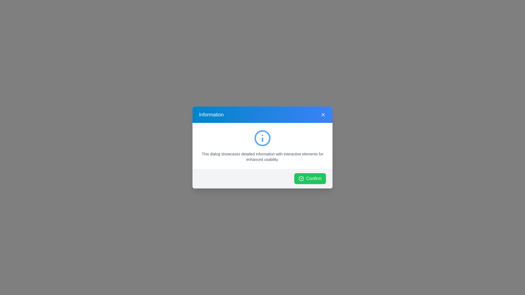 The width and height of the screenshot is (525, 295). Describe the element at coordinates (262, 145) in the screenshot. I see `informational content element that features an icon with an 'i' and text stating 'This dialog showcases detailed information with interactive elements for enhanced usability.'` at that location.